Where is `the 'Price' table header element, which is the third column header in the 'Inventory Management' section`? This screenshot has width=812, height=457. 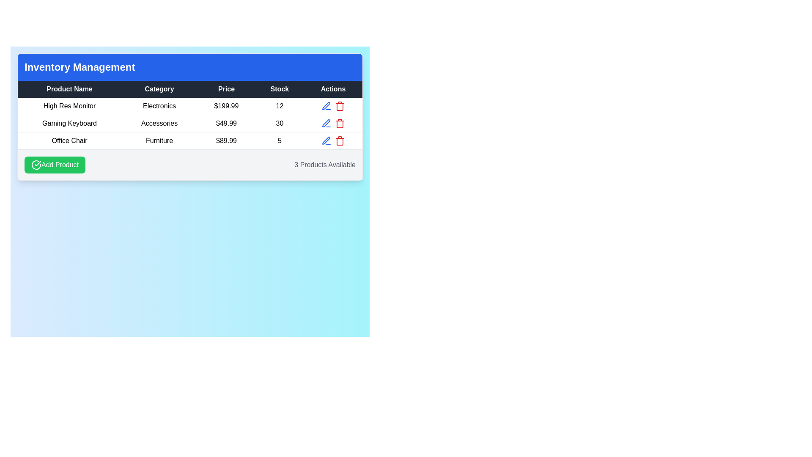
the 'Price' table header element, which is the third column header in the 'Inventory Management' section is located at coordinates (226, 89).